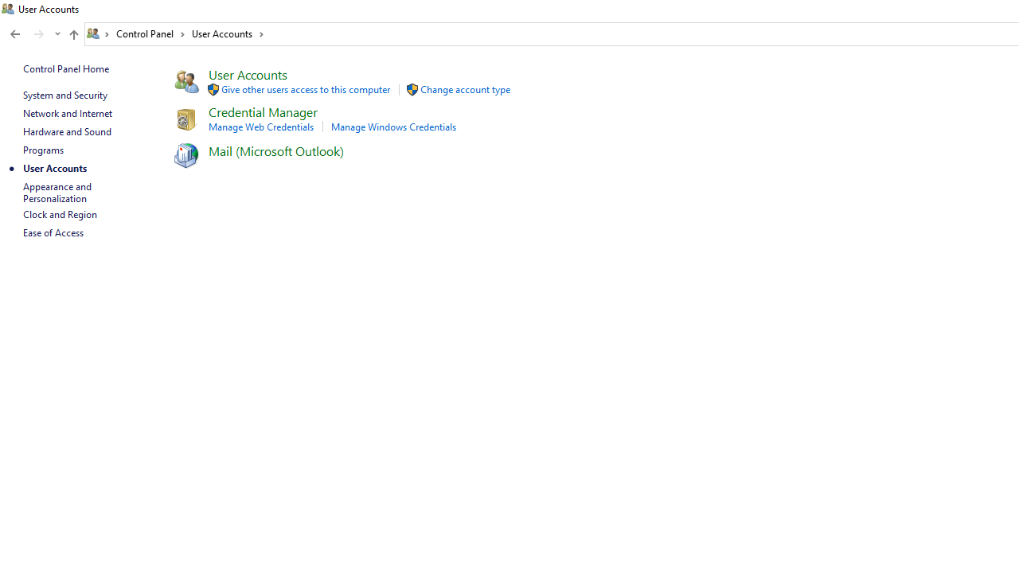  Describe the element at coordinates (57, 34) in the screenshot. I see `'Recent locations'` at that location.